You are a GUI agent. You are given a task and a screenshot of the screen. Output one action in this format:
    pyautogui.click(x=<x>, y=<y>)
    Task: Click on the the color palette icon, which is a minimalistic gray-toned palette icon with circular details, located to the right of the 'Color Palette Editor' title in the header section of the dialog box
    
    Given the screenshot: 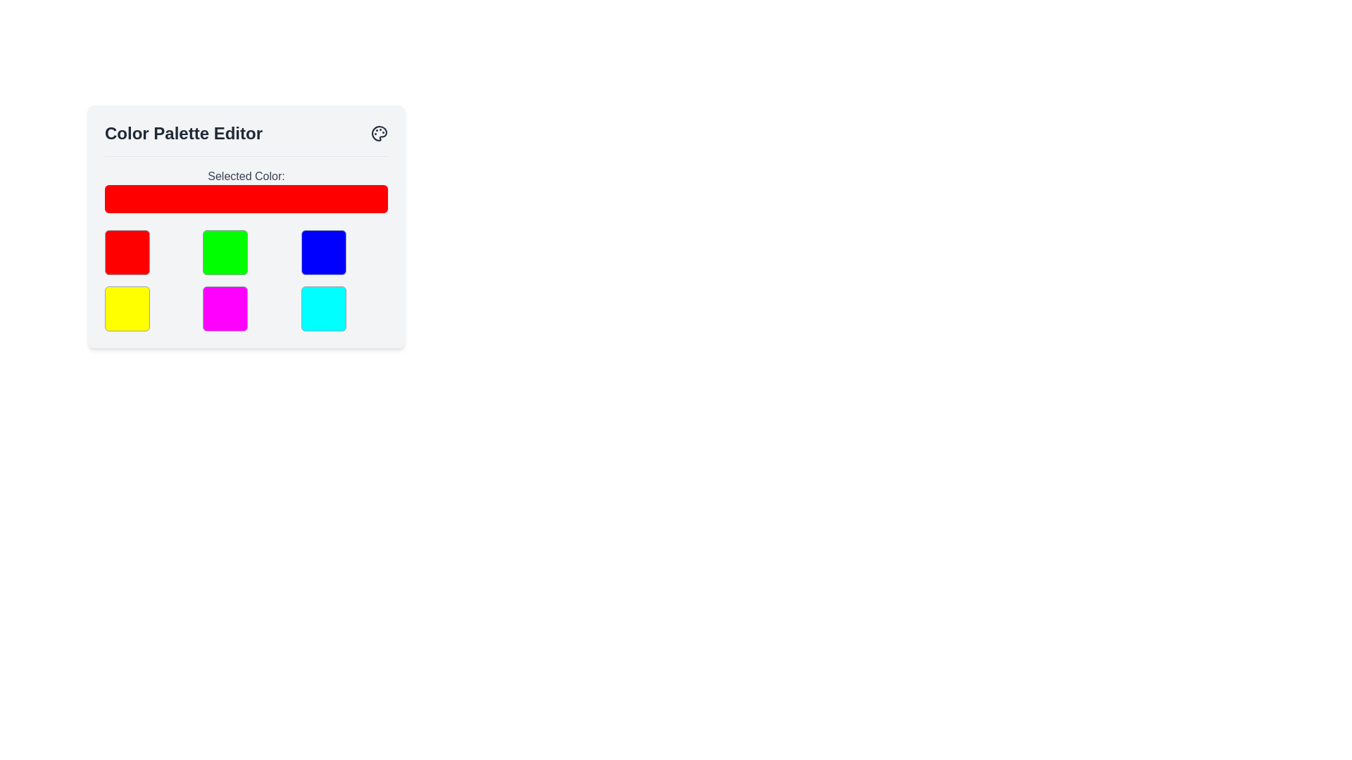 What is the action you would take?
    pyautogui.click(x=379, y=133)
    